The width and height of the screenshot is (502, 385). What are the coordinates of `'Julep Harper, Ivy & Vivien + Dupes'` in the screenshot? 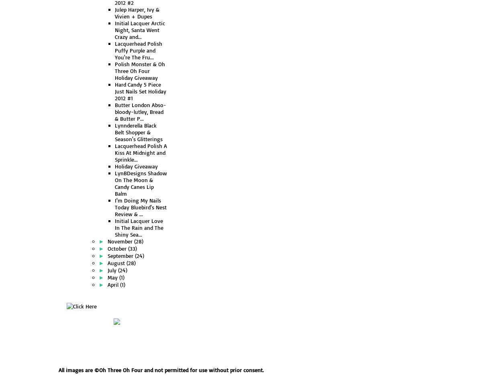 It's located at (136, 12).